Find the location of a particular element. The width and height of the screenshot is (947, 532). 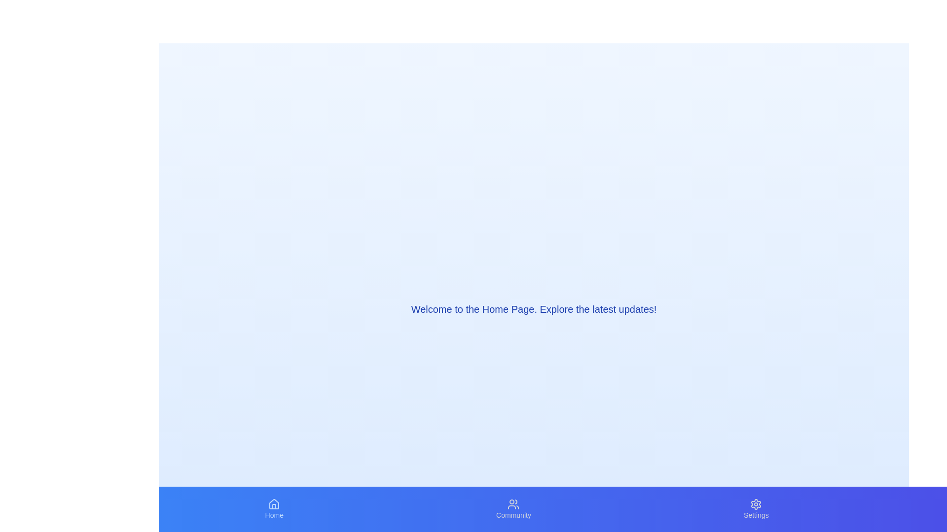

the text label for the home navigation option, which is centrally located under the home icon in the bottom navigation bar is located at coordinates (274, 514).